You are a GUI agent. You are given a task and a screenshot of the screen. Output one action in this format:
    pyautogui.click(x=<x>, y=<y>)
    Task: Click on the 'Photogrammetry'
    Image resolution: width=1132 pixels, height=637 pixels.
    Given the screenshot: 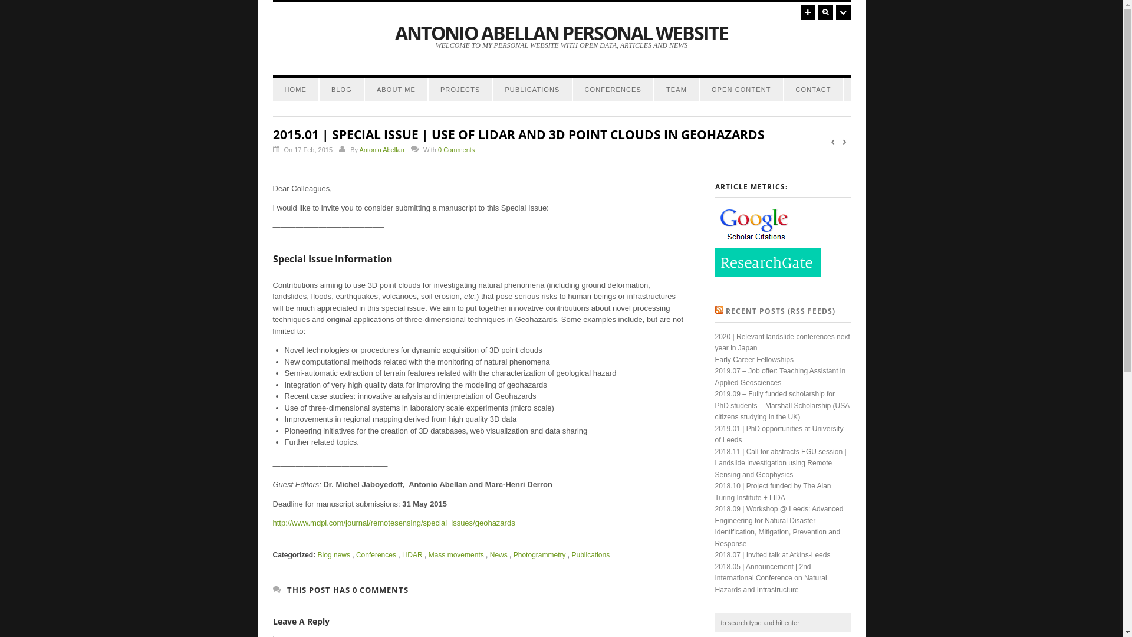 What is the action you would take?
    pyautogui.click(x=513, y=555)
    